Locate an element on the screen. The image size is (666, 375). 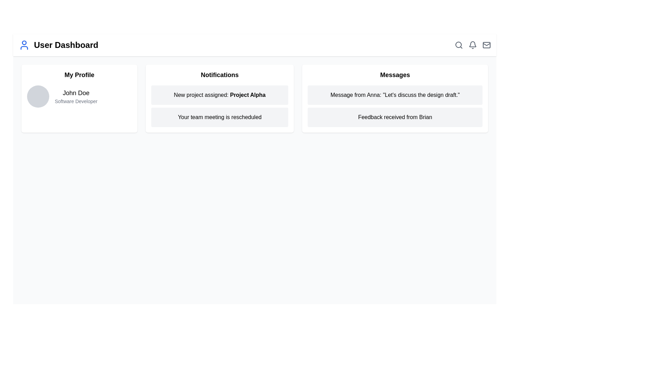
text label 'Project Alpha' which is prominently displayed in bold as part of the notification message in the 'Notifications' section of the dashboard is located at coordinates (248, 95).